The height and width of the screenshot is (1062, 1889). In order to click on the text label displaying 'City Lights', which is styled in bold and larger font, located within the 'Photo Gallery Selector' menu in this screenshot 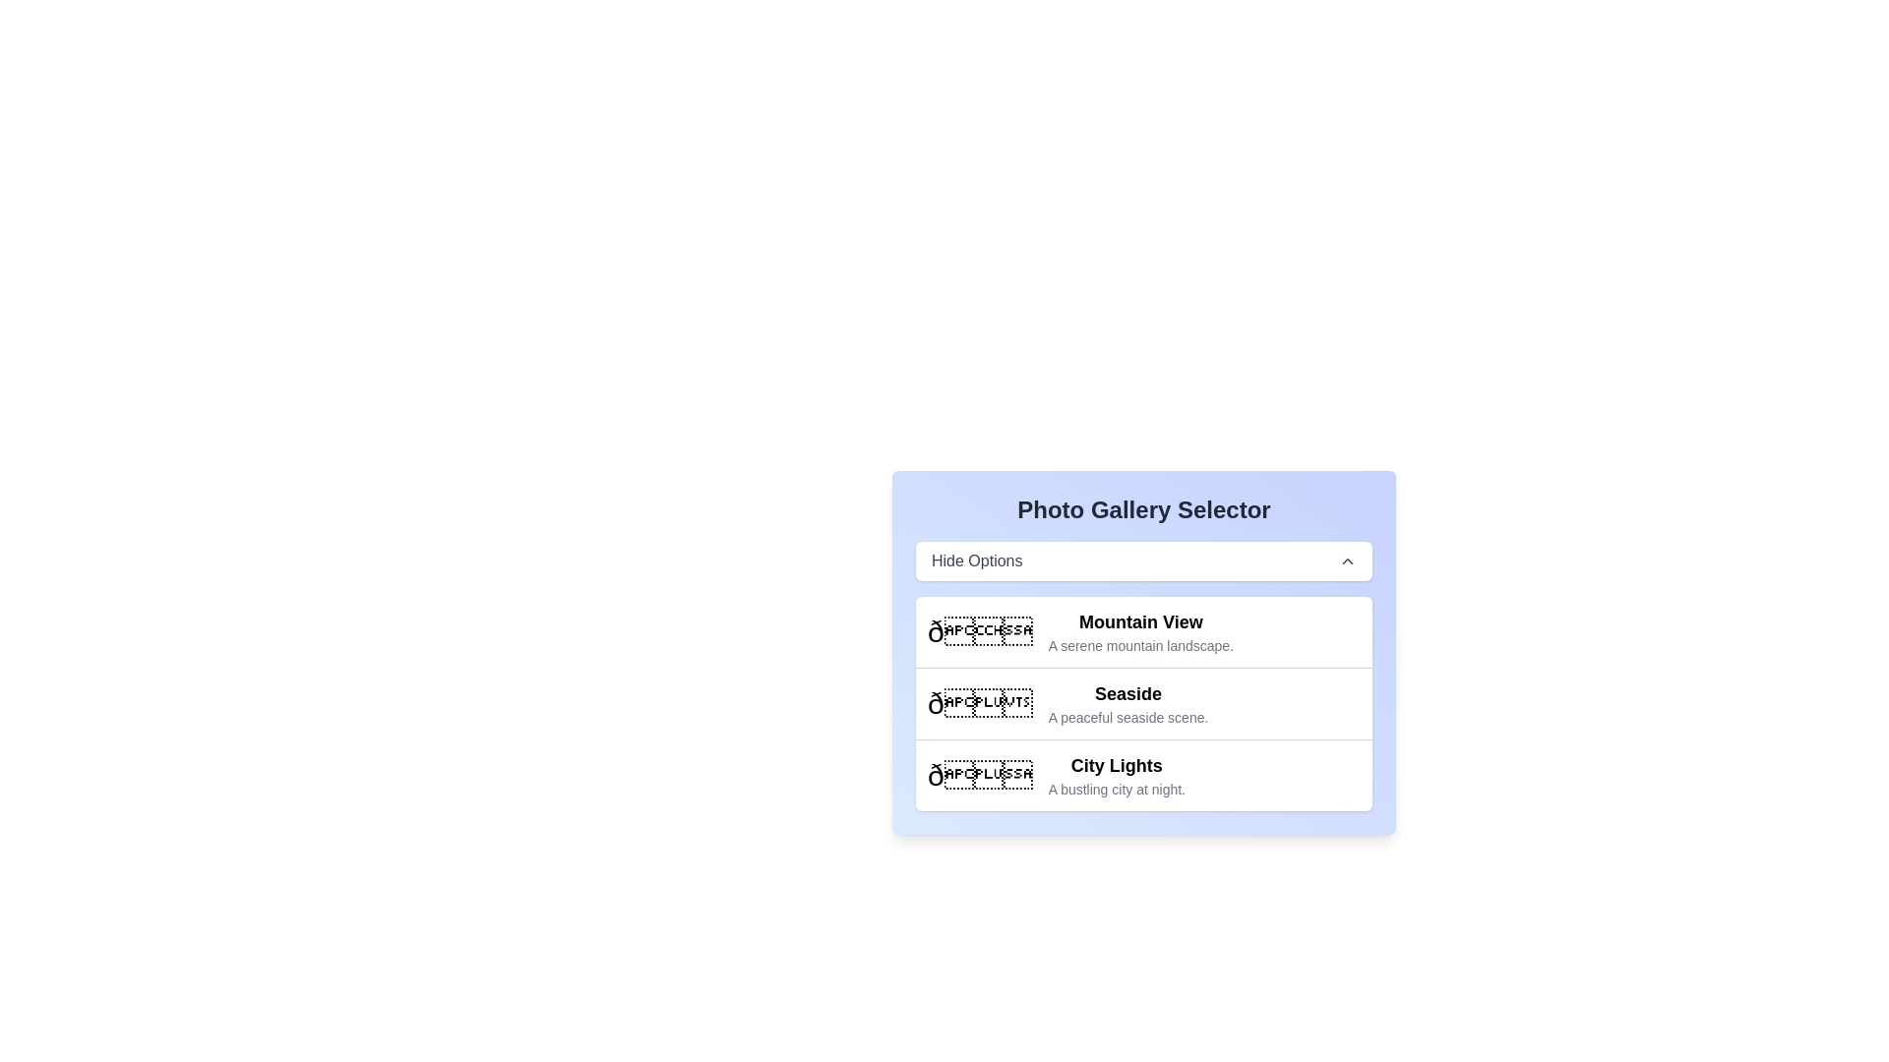, I will do `click(1117, 765)`.